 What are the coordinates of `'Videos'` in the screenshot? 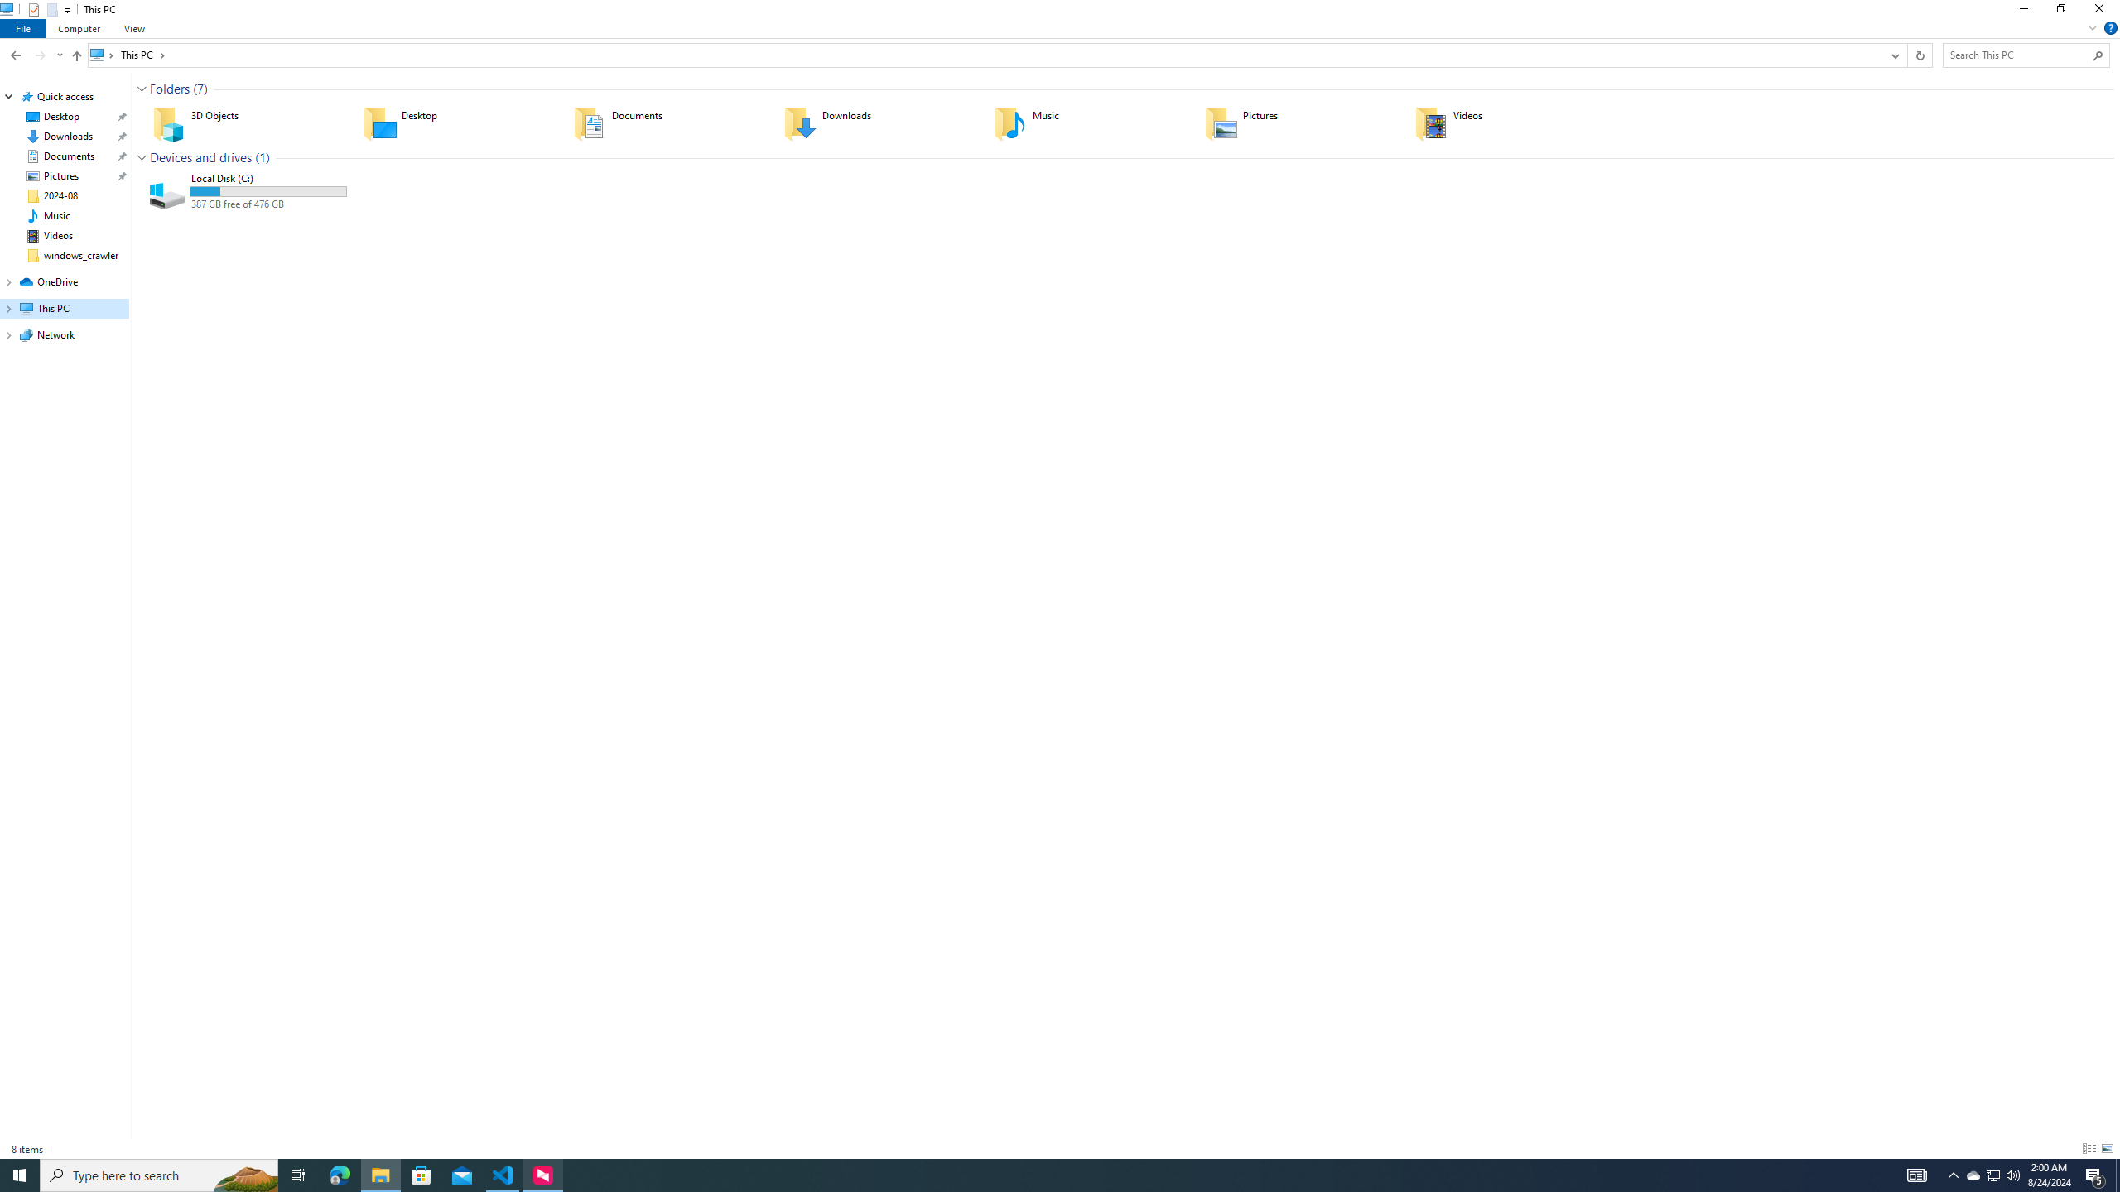 It's located at (1509, 123).